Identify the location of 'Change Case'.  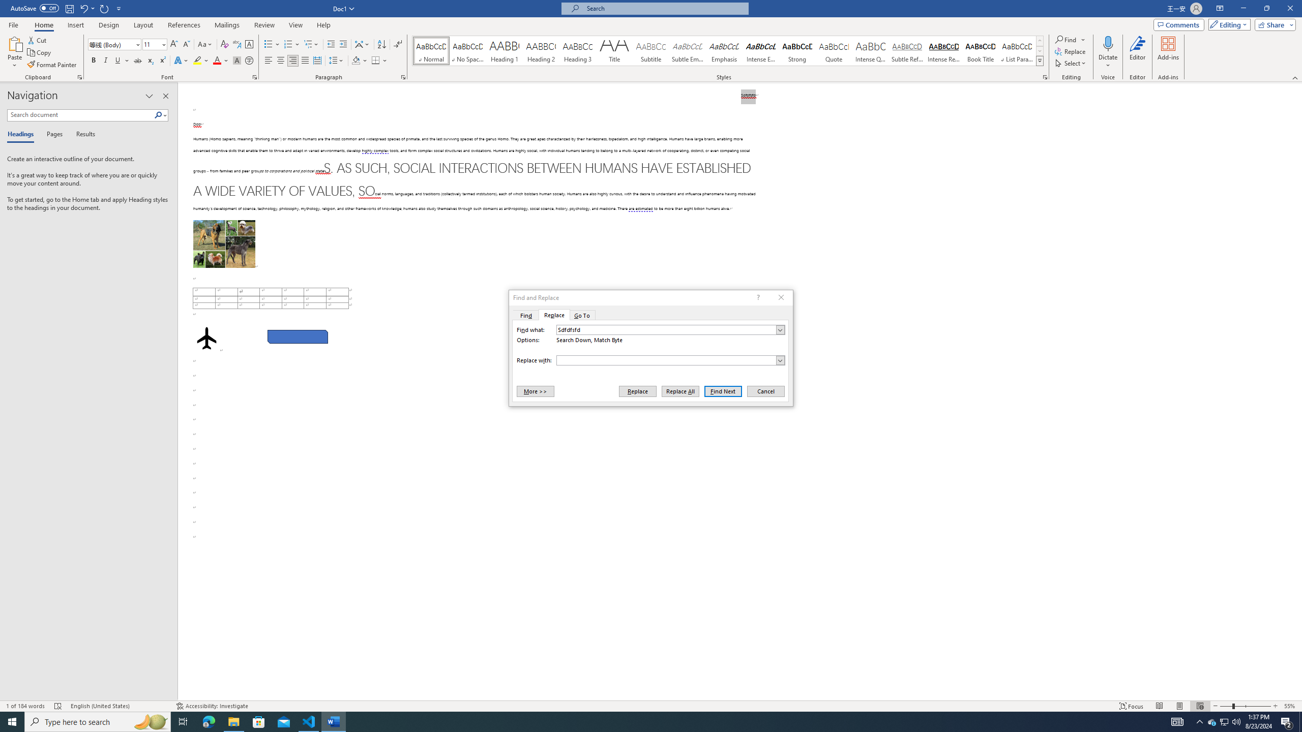
(205, 44).